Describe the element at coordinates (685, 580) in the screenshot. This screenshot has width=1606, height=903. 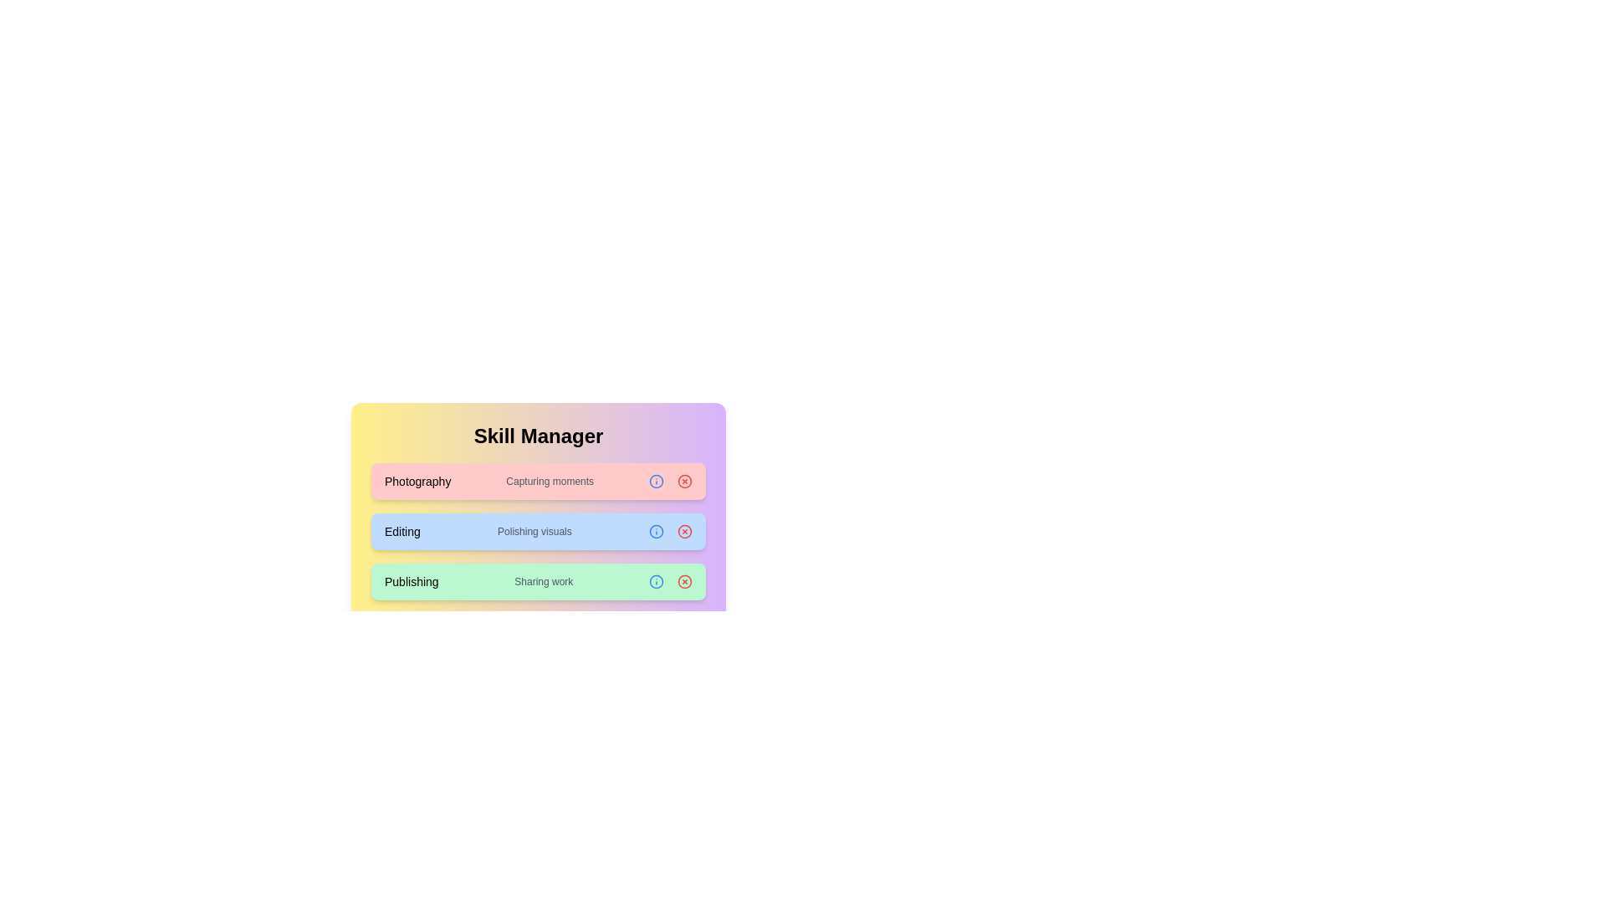
I see `the chip corresponding to Publishing` at that location.